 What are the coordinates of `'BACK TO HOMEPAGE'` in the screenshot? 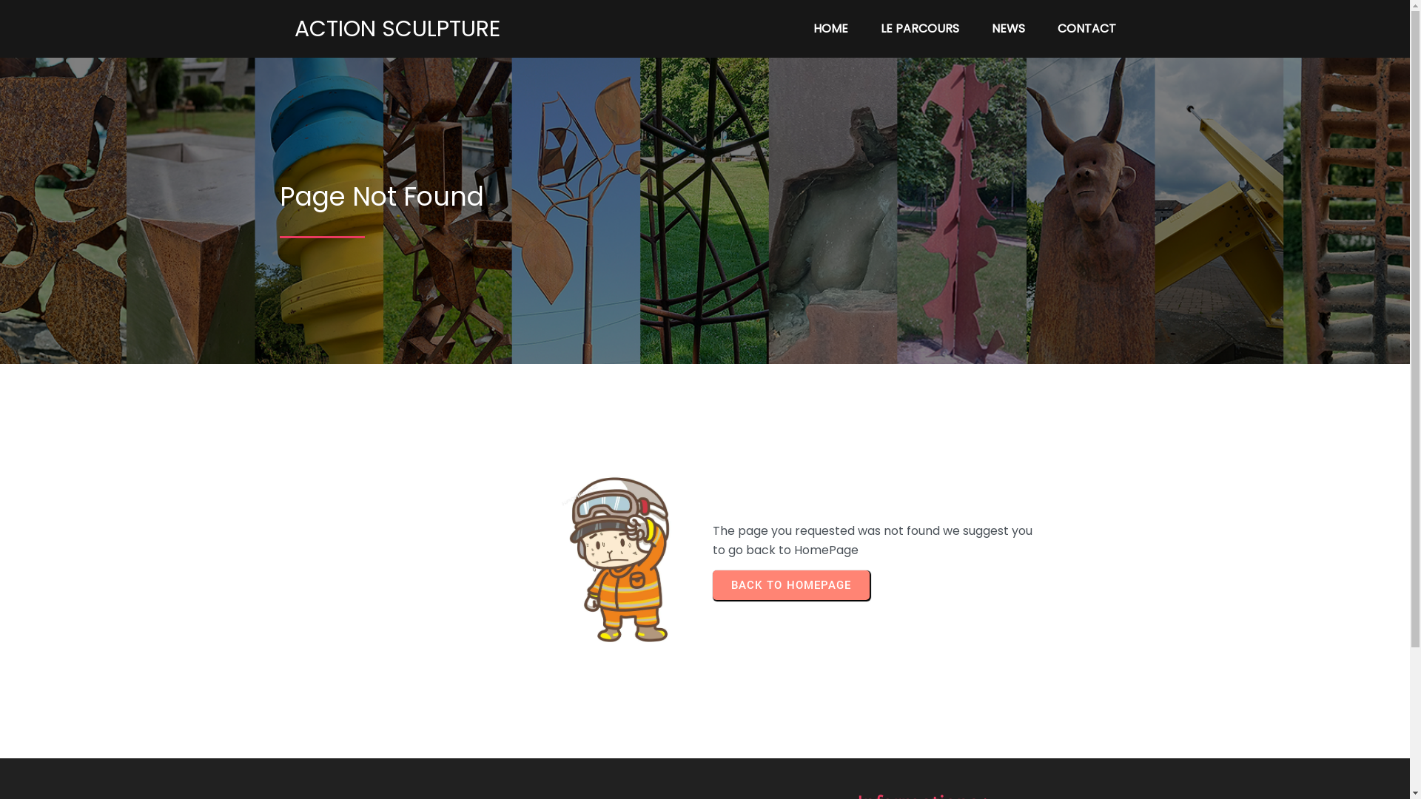 It's located at (790, 584).